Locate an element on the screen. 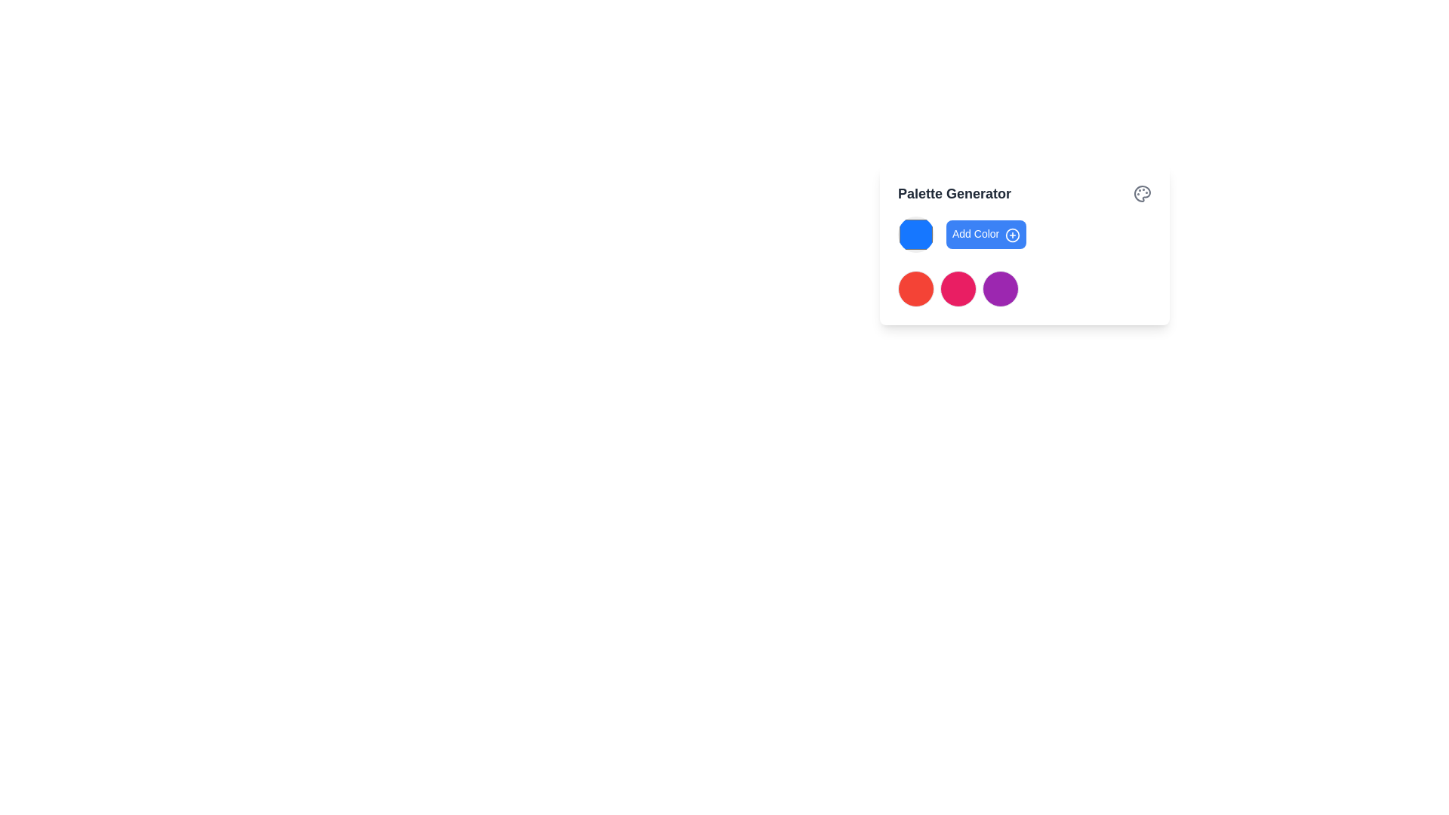 This screenshot has height=815, width=1449. the circular icon located to the right of the 'Add Color' button, which indicates the functionality of adding a new item to a palette is located at coordinates (1013, 235).